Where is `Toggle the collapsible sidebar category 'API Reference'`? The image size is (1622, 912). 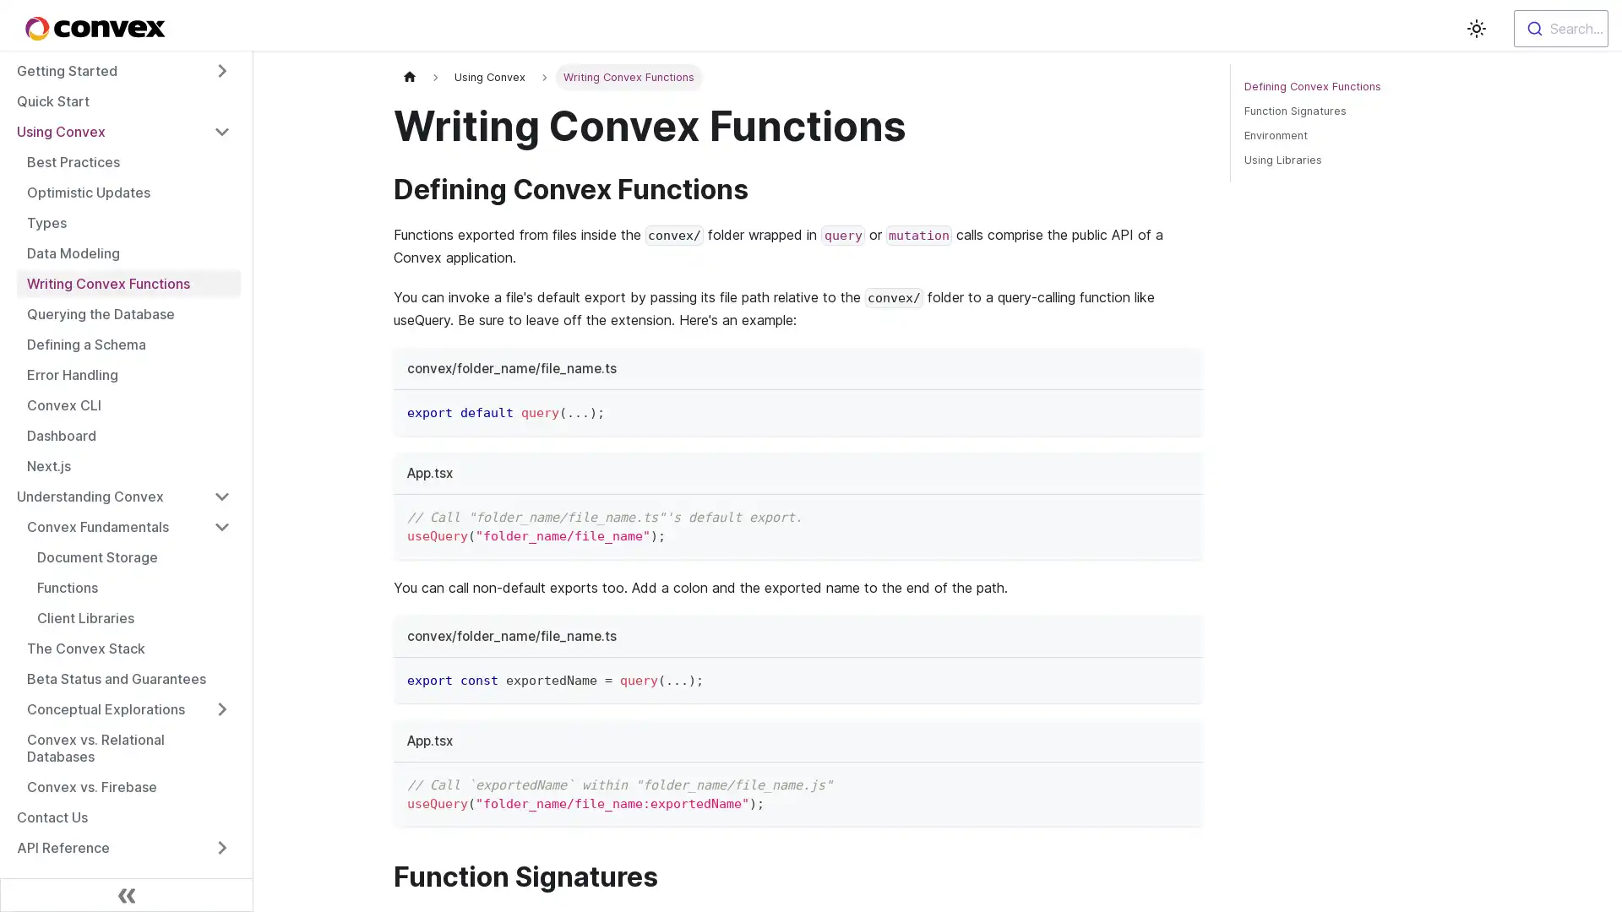
Toggle the collapsible sidebar category 'API Reference' is located at coordinates (221, 847).